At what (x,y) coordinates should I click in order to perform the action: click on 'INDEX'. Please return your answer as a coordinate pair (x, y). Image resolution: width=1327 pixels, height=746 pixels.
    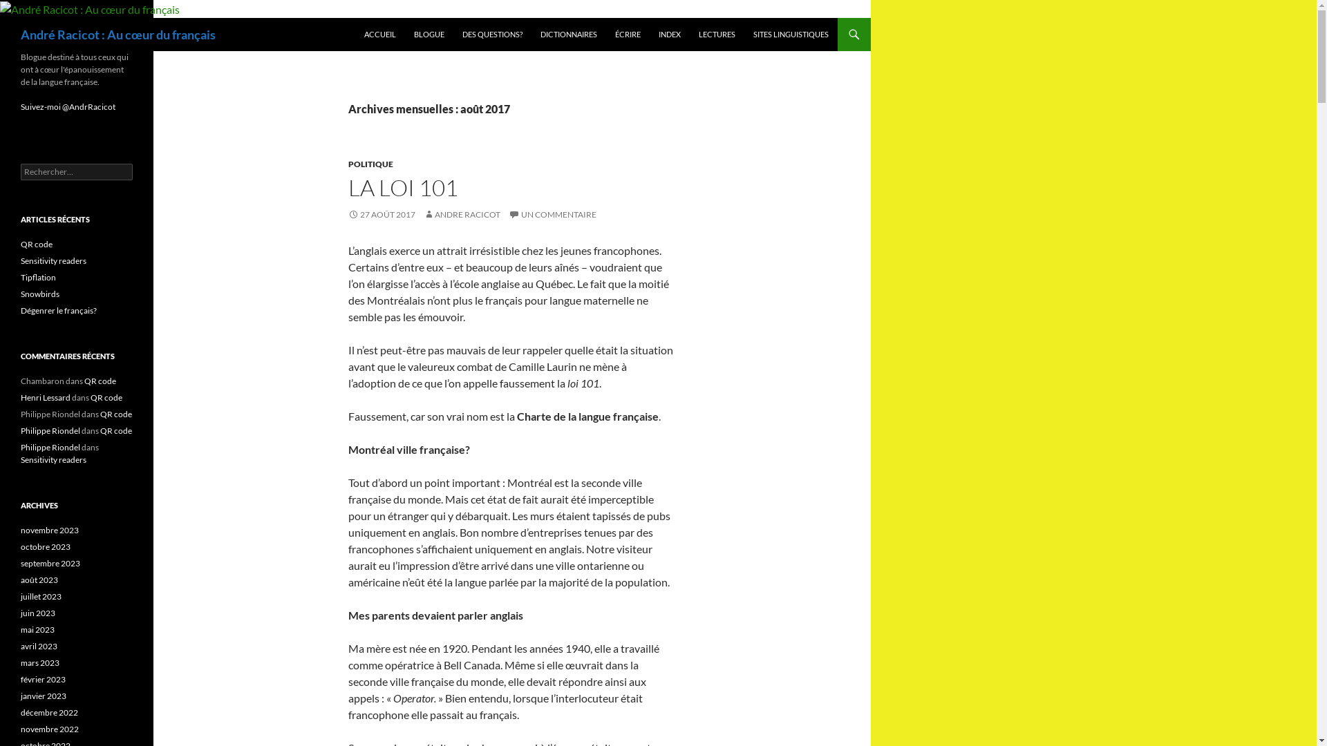
    Looking at the image, I should click on (670, 34).